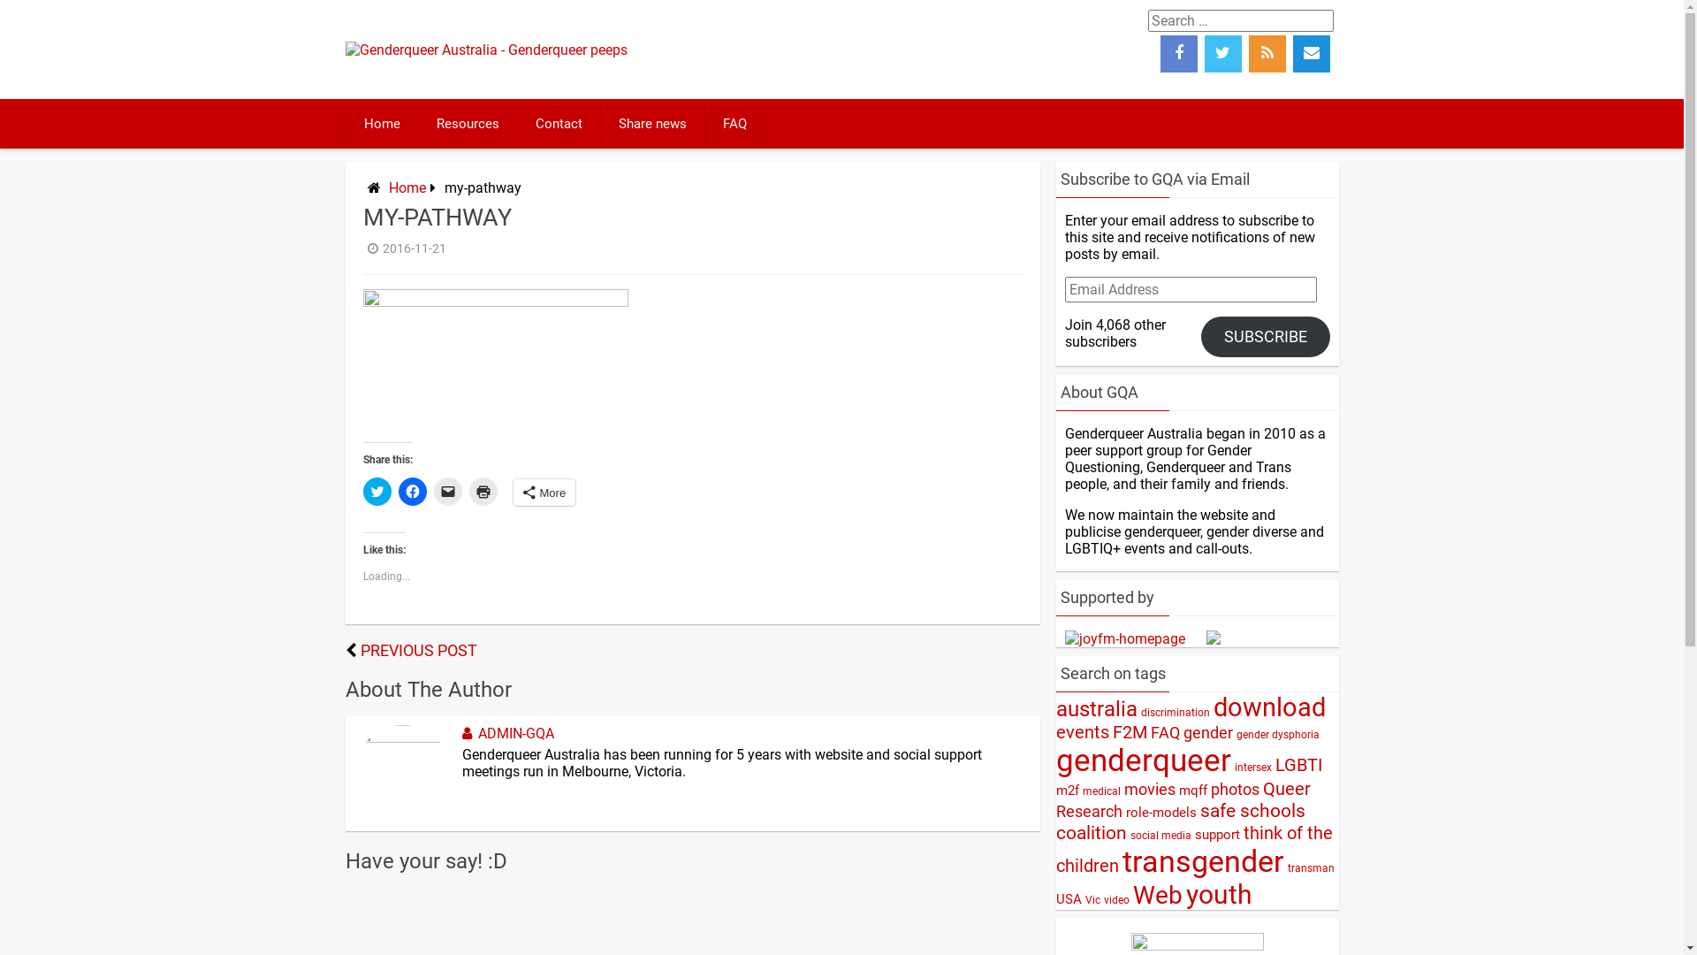 This screenshot has width=1697, height=955. Describe the element at coordinates (1274, 764) in the screenshot. I see `'LGBTI'` at that location.